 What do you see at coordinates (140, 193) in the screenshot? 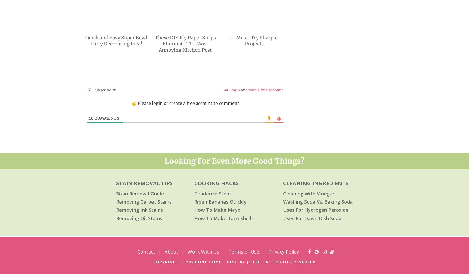
I see `'Stain Removal Guide'` at bounding box center [140, 193].